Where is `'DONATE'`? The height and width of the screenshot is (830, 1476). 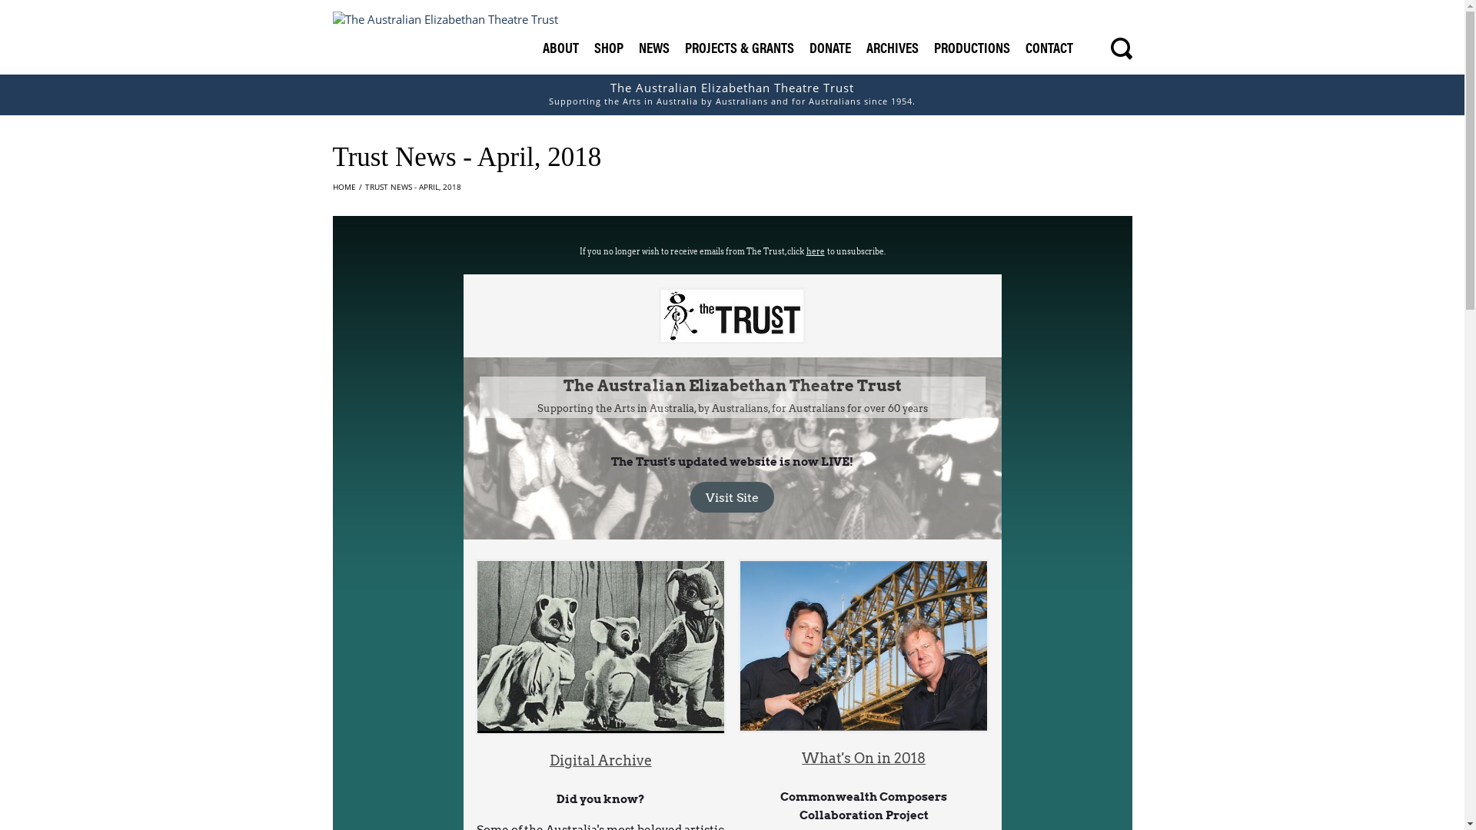
'DONATE' is located at coordinates (801, 46).